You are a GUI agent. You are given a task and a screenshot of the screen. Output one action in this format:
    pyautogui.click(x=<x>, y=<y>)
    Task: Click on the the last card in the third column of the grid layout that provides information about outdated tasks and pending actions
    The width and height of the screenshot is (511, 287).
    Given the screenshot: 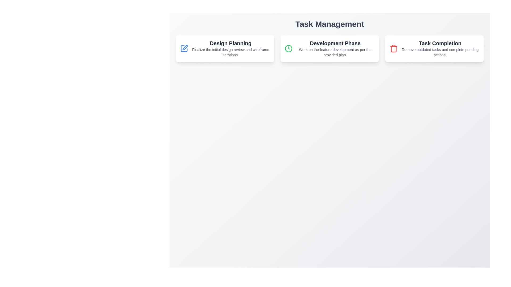 What is the action you would take?
    pyautogui.click(x=434, y=48)
    